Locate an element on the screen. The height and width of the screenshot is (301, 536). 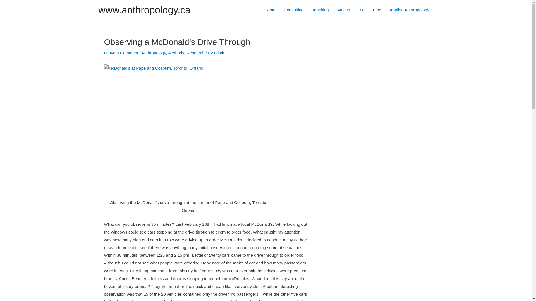
'Anthropology' is located at coordinates (142, 53).